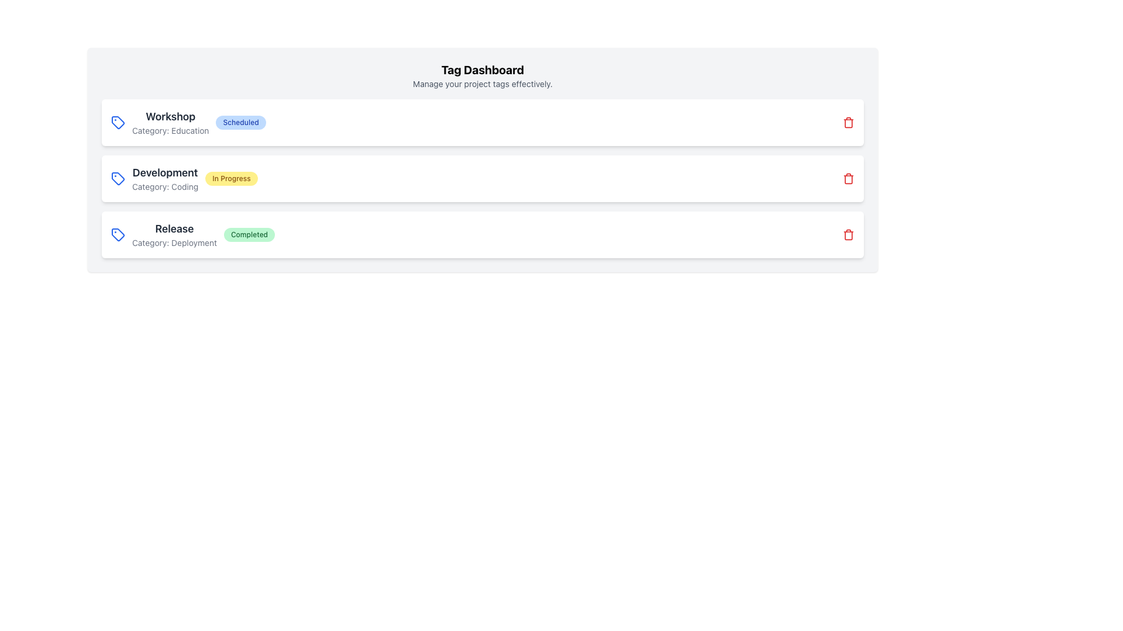 This screenshot has width=1123, height=631. I want to click on the first card-like display element in the vertically stacked list, which shows the title, category, and status of a categorized item, so click(188, 122).